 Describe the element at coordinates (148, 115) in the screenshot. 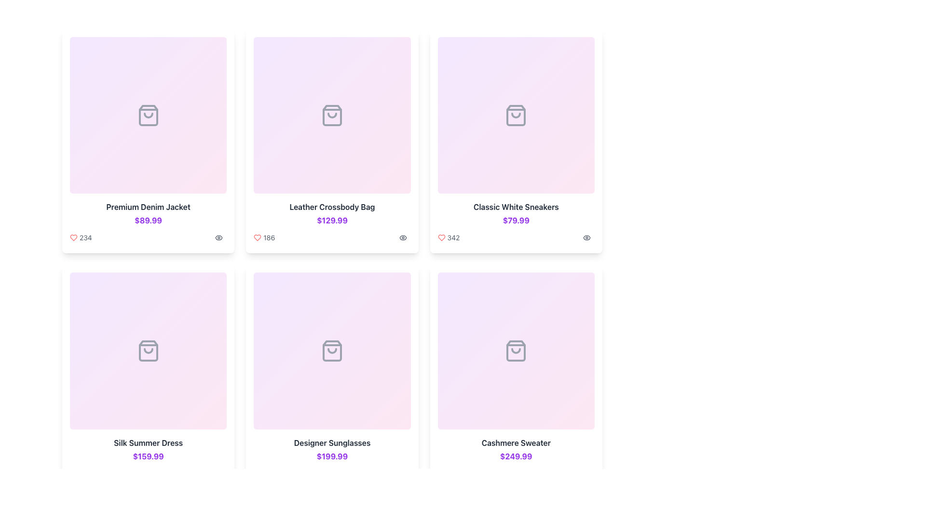

I see `the shopping bag icon located centrally within the top-left card of a grid structure to interact with it` at that location.